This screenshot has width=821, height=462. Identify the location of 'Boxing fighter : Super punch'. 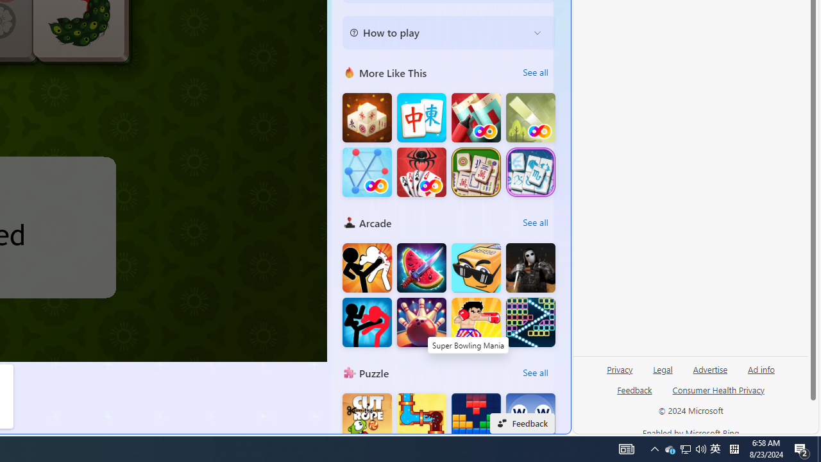
(475, 321).